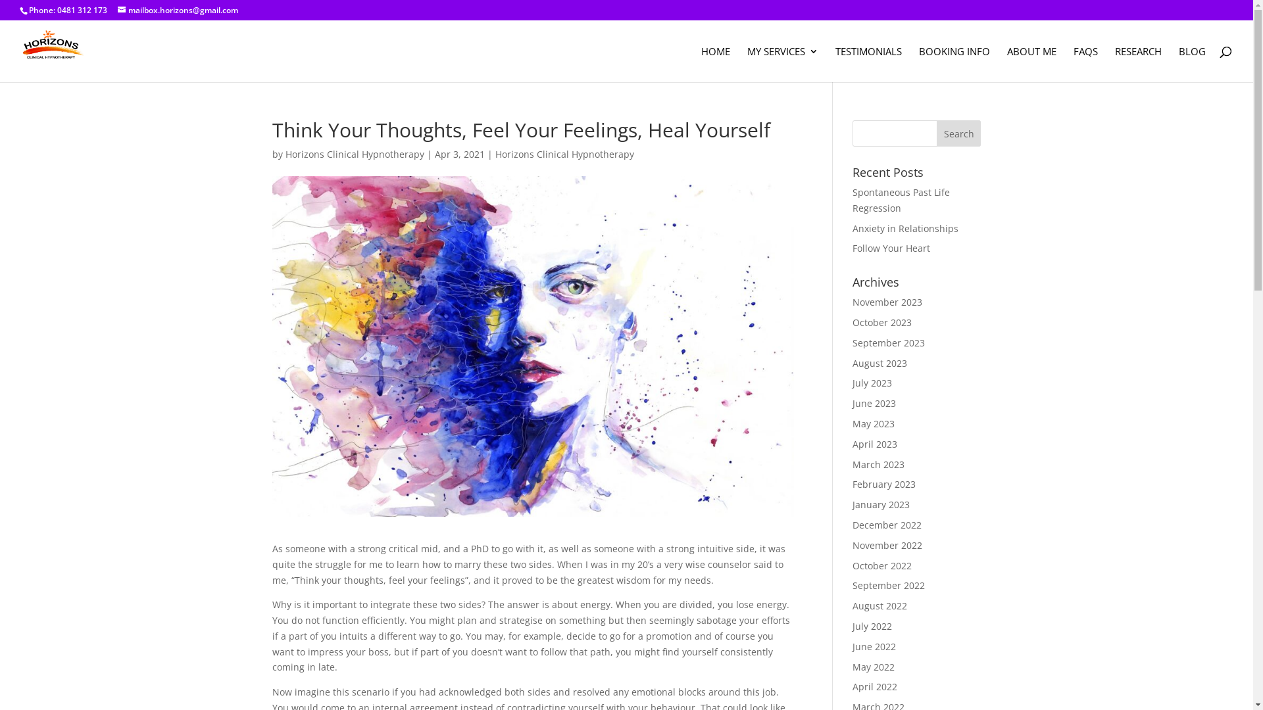 The height and width of the screenshot is (710, 1263). What do you see at coordinates (853, 383) in the screenshot?
I see `'July 2023'` at bounding box center [853, 383].